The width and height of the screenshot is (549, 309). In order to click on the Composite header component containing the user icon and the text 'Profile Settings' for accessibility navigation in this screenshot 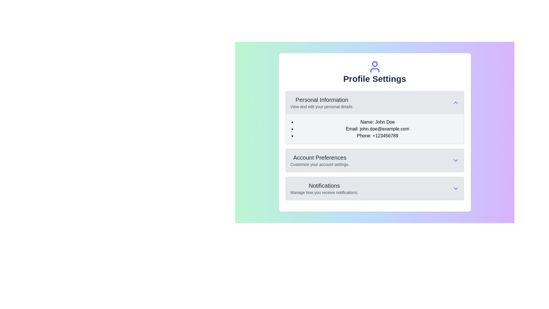, I will do `click(375, 72)`.